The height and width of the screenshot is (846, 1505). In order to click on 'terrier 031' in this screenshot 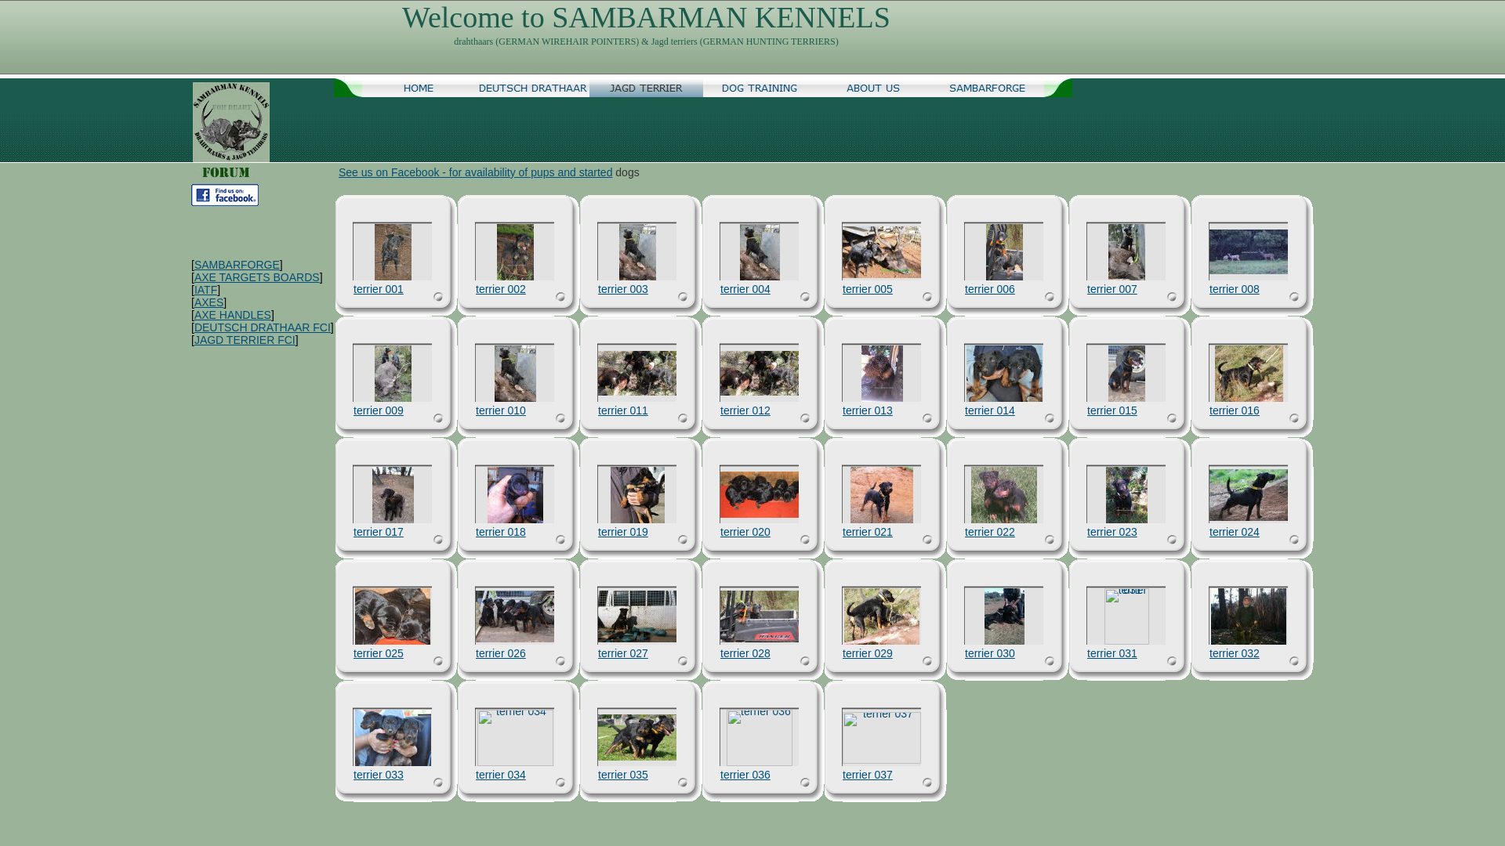, I will do `click(1125, 615)`.